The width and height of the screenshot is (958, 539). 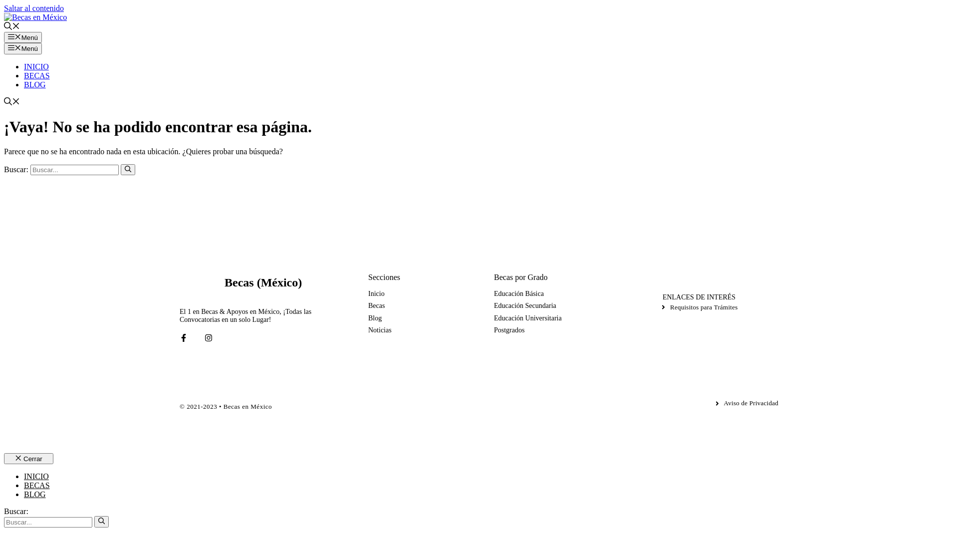 What do you see at coordinates (746, 402) in the screenshot?
I see `'Aviso de Privacidad'` at bounding box center [746, 402].